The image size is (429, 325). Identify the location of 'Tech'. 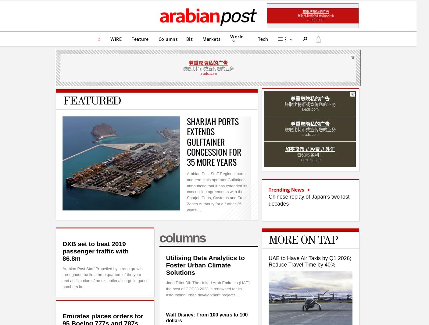
(263, 39).